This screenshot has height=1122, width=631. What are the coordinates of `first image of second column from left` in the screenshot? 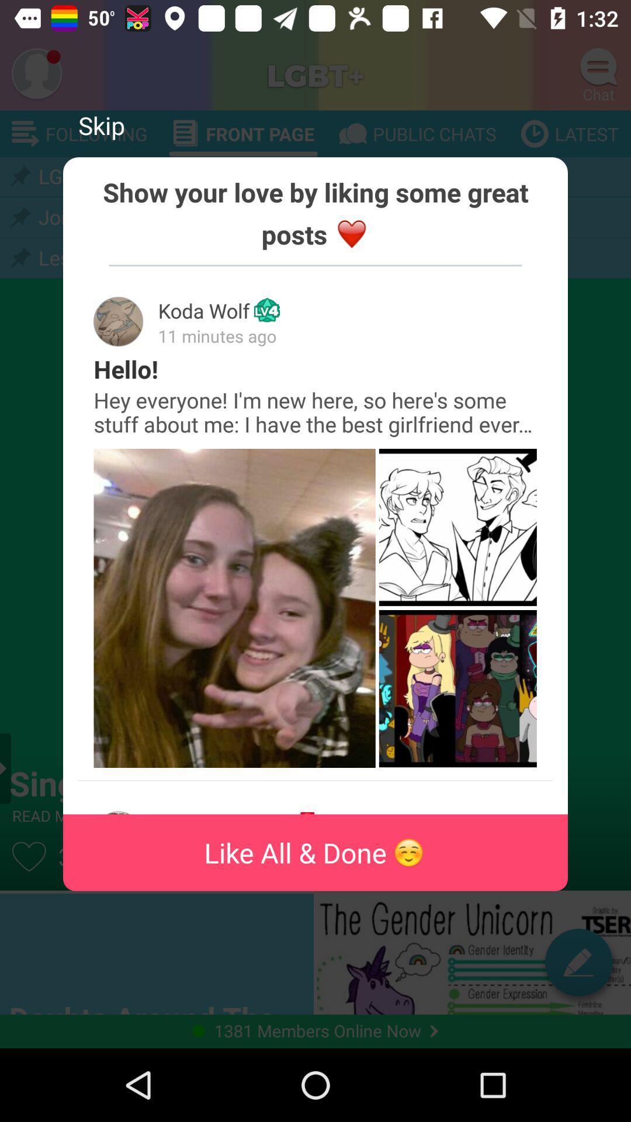 It's located at (457, 527).